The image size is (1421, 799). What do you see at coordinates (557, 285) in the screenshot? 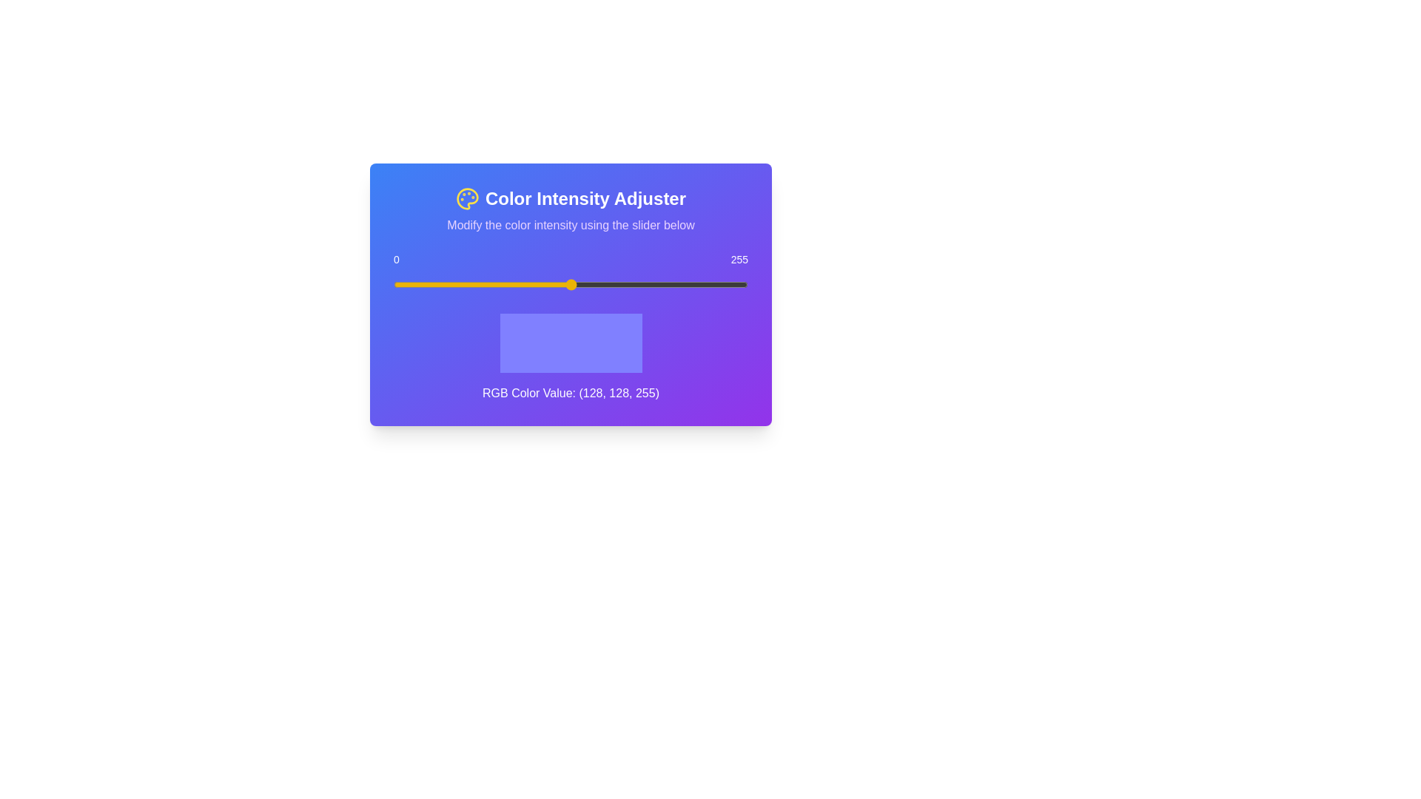
I see `the slider to set the color intensity to 118` at bounding box center [557, 285].